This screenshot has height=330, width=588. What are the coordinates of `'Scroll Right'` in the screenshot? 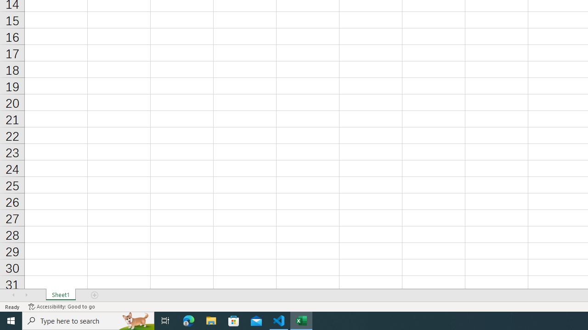 It's located at (26, 295).